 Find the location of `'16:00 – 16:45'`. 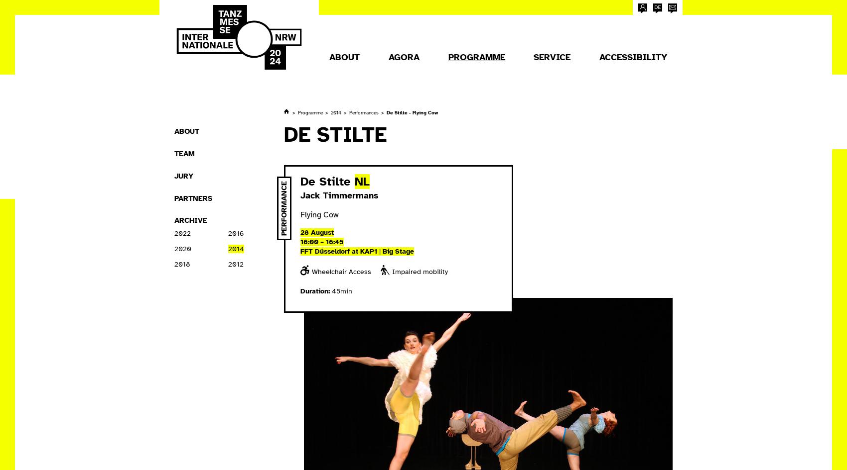

'16:00 – 16:45' is located at coordinates (322, 241).